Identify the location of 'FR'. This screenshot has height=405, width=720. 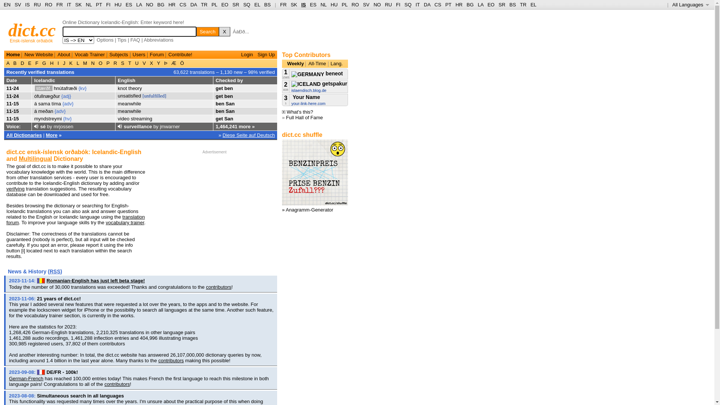
(283, 4).